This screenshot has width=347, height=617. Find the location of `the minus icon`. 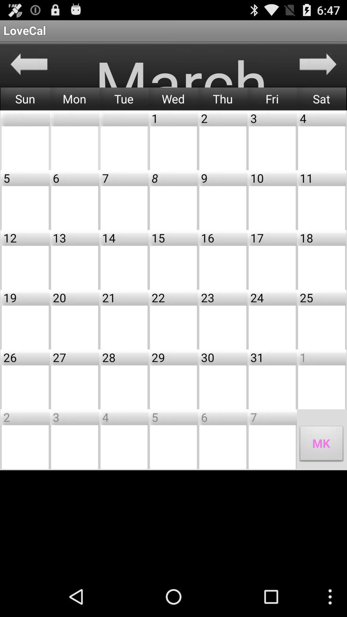

the minus icon is located at coordinates (173, 158).